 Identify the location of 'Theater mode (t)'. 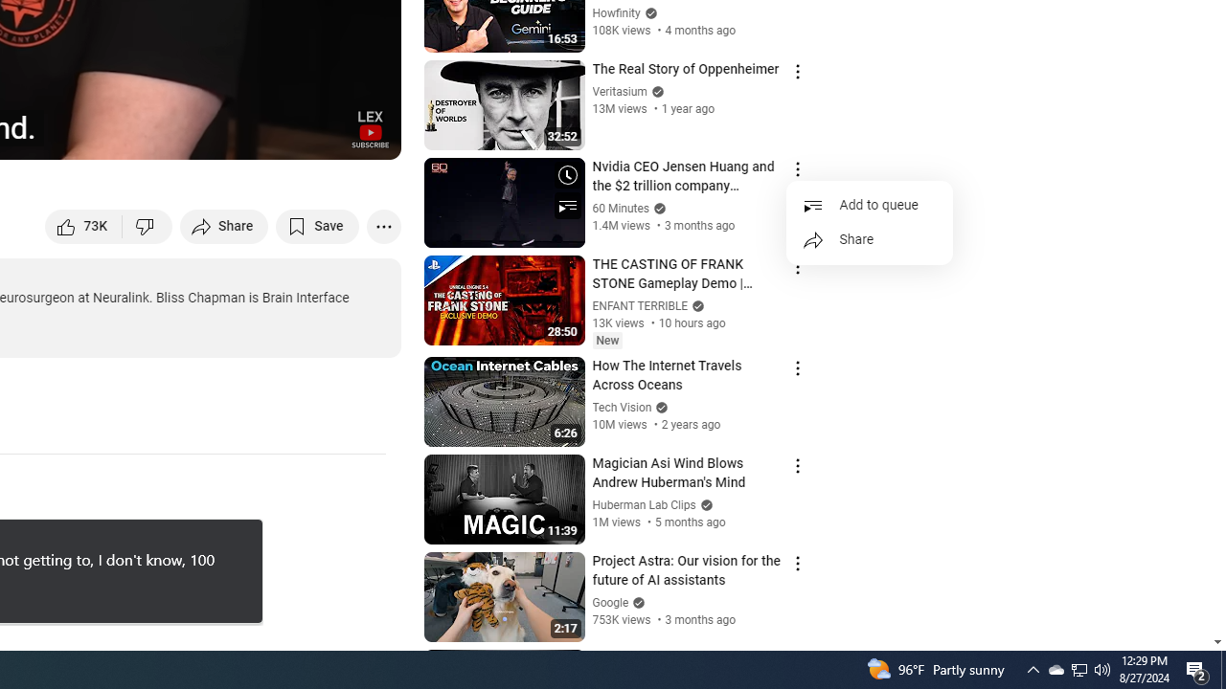
(320, 135).